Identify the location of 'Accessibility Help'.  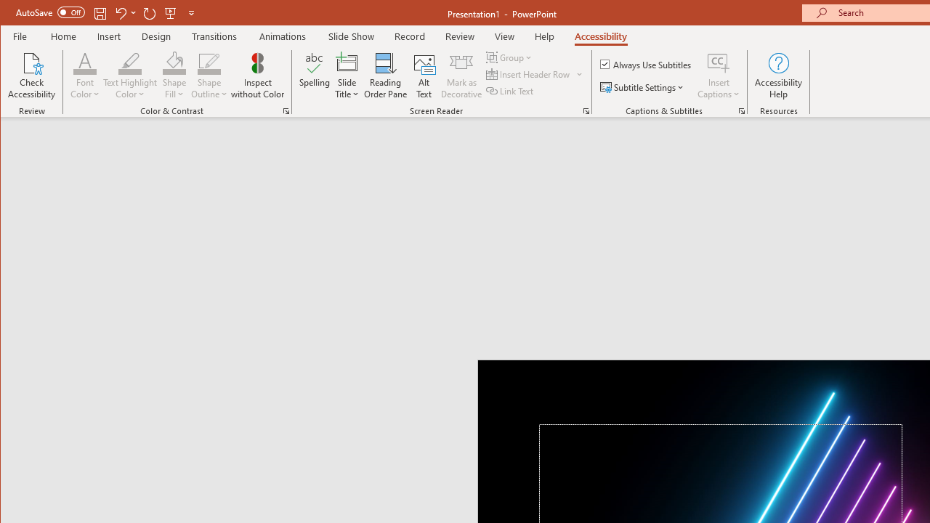
(778, 76).